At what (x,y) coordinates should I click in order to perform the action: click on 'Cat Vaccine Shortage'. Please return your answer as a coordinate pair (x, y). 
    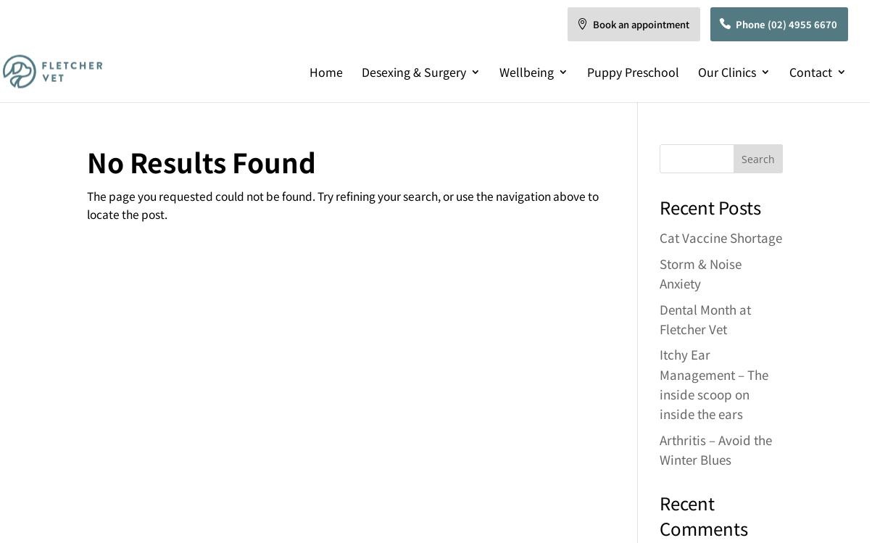
    Looking at the image, I should click on (657, 236).